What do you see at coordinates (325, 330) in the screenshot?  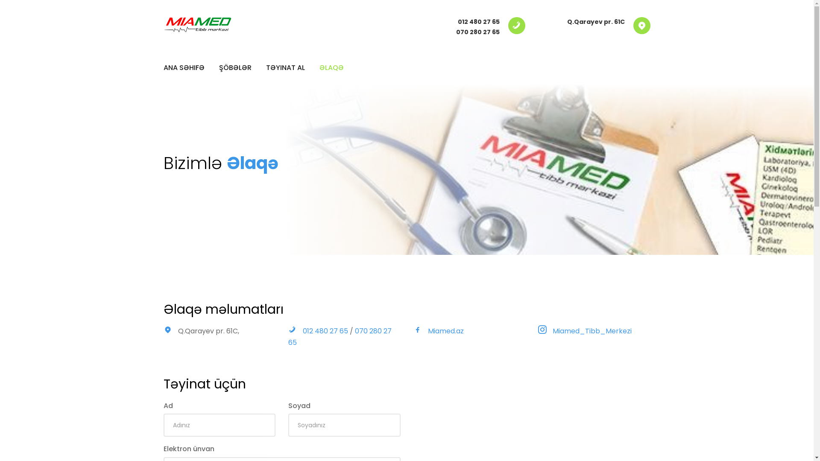 I see `'012 480 27 65'` at bounding box center [325, 330].